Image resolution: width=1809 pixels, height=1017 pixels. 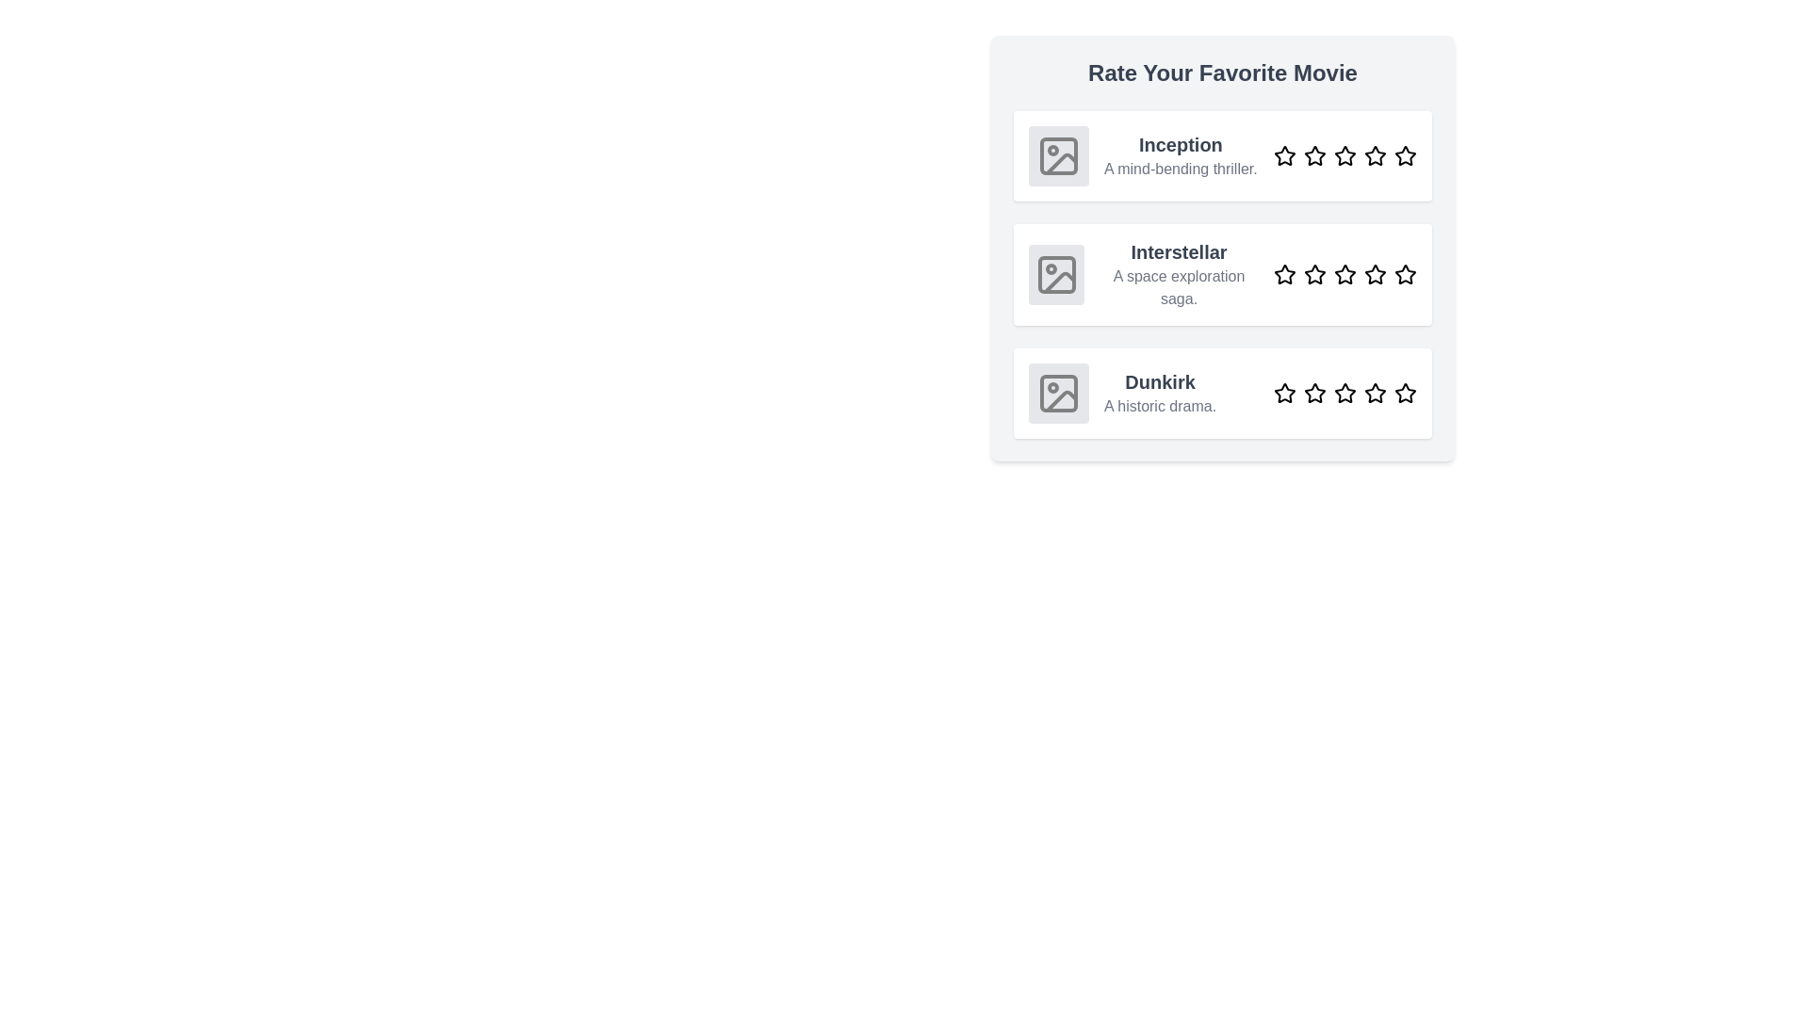 What do you see at coordinates (1375, 275) in the screenshot?
I see `the fourth star-shaped icon in the rating section for the movie 'Interstellar'` at bounding box center [1375, 275].